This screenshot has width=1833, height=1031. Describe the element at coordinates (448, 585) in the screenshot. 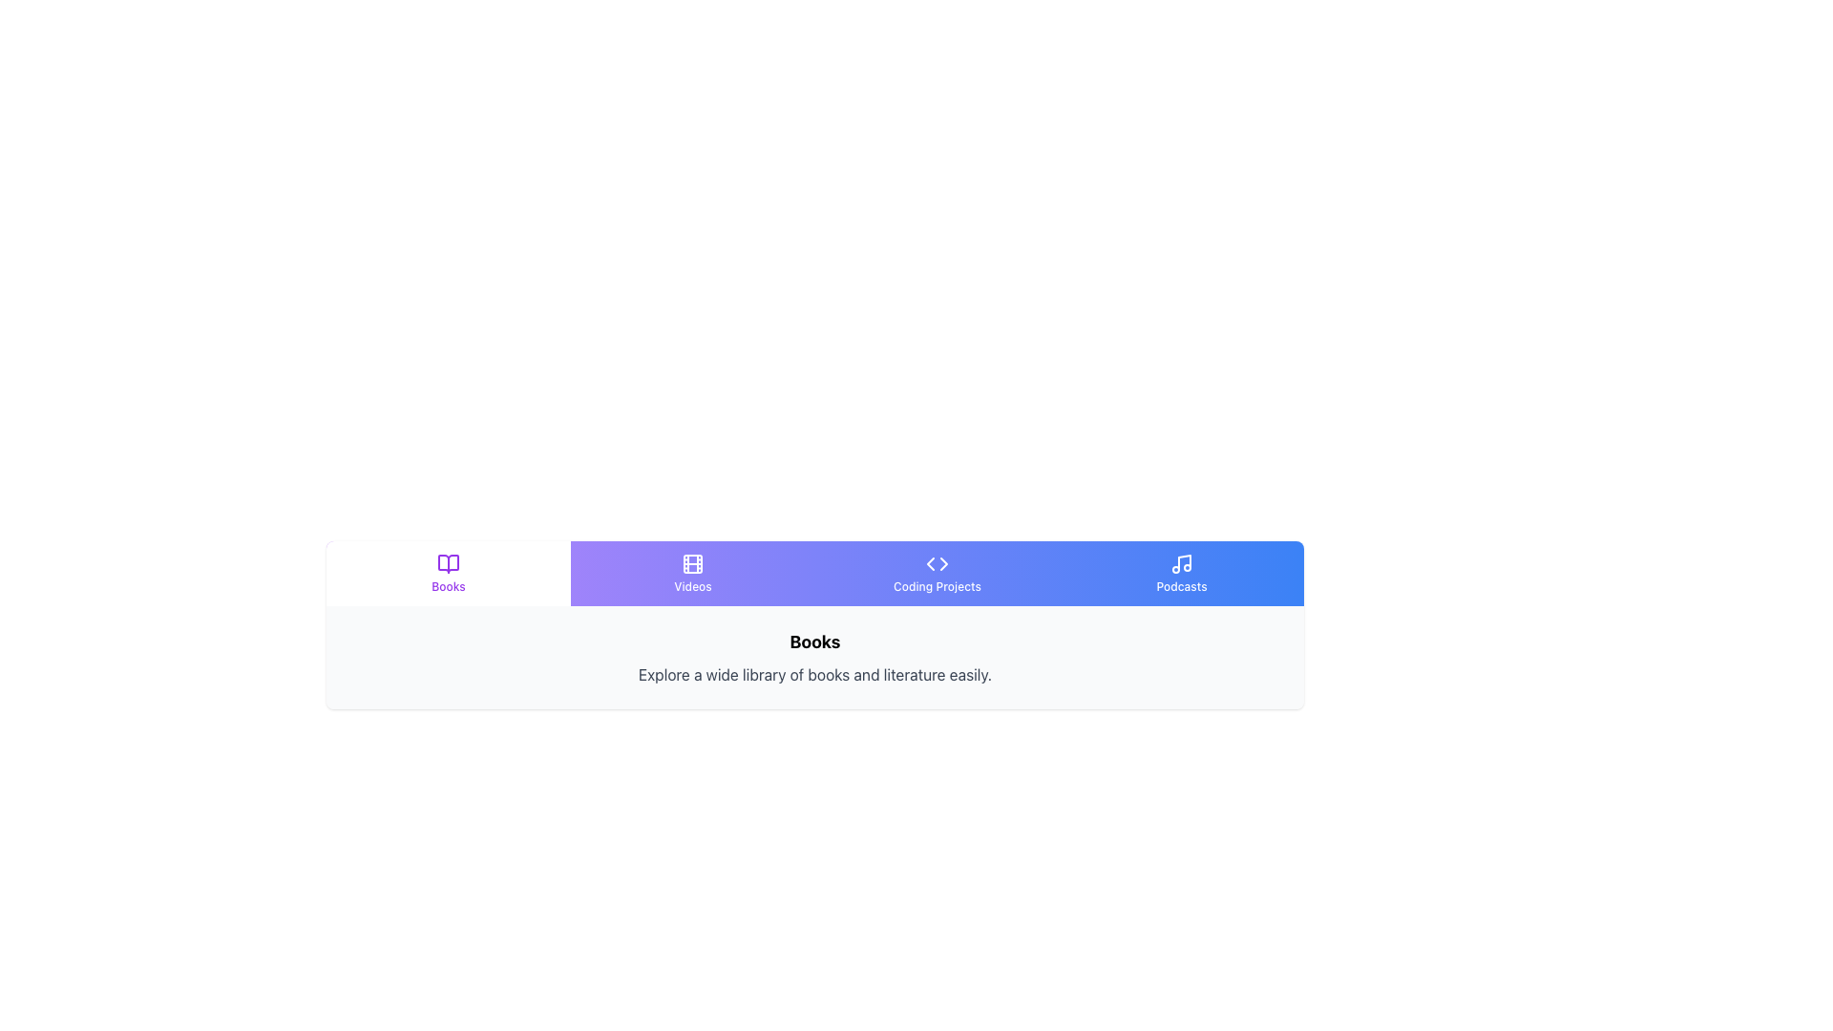

I see `the content of the 'Books' text label located in the menu bar, which identifies the books category` at that location.